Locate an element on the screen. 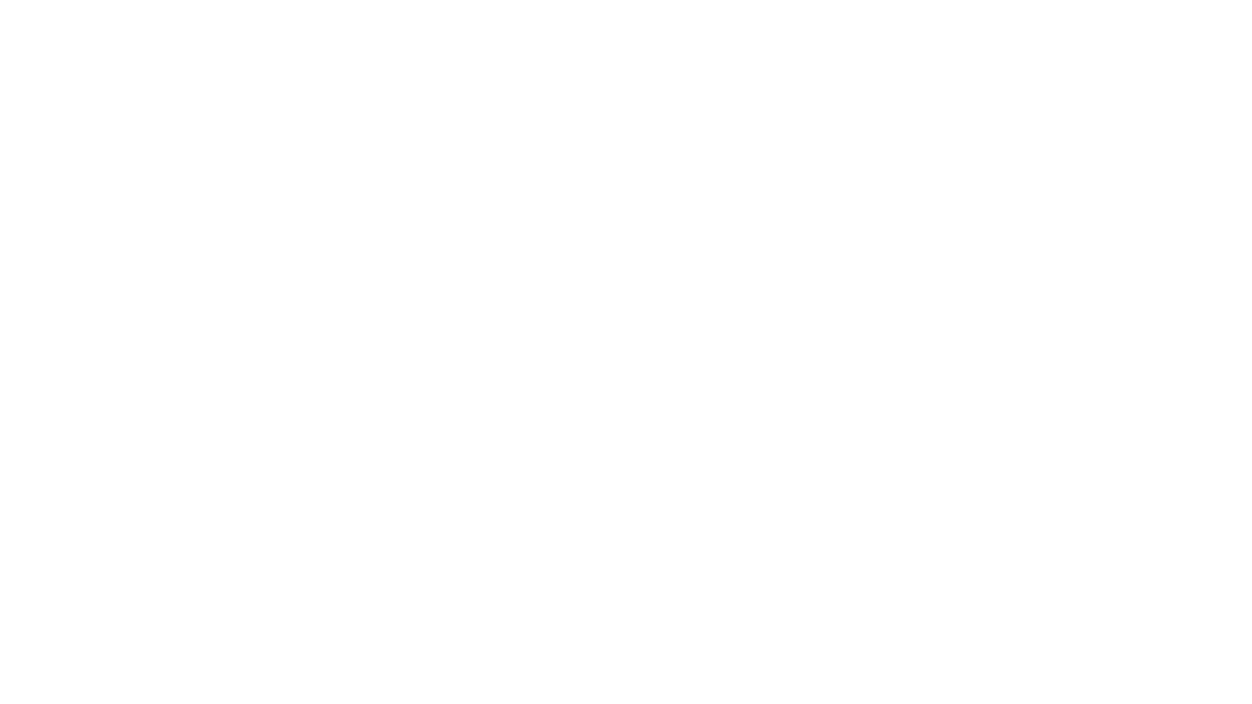  EPISODE is located at coordinates (177, 235).